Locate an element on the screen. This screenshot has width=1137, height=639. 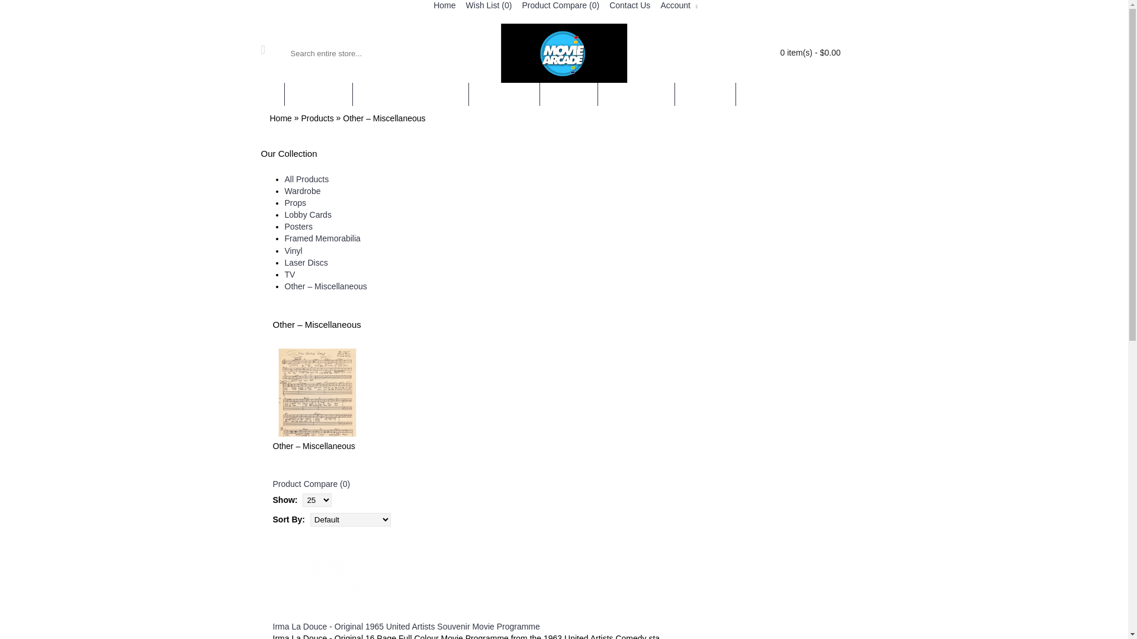
'Laser Discs' is located at coordinates (306, 262).